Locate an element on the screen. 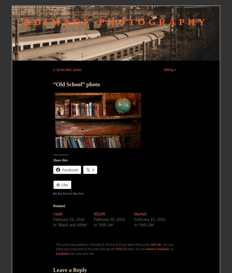  '.						You can follow any responses to this entry through the' is located at coordinates (114, 247).